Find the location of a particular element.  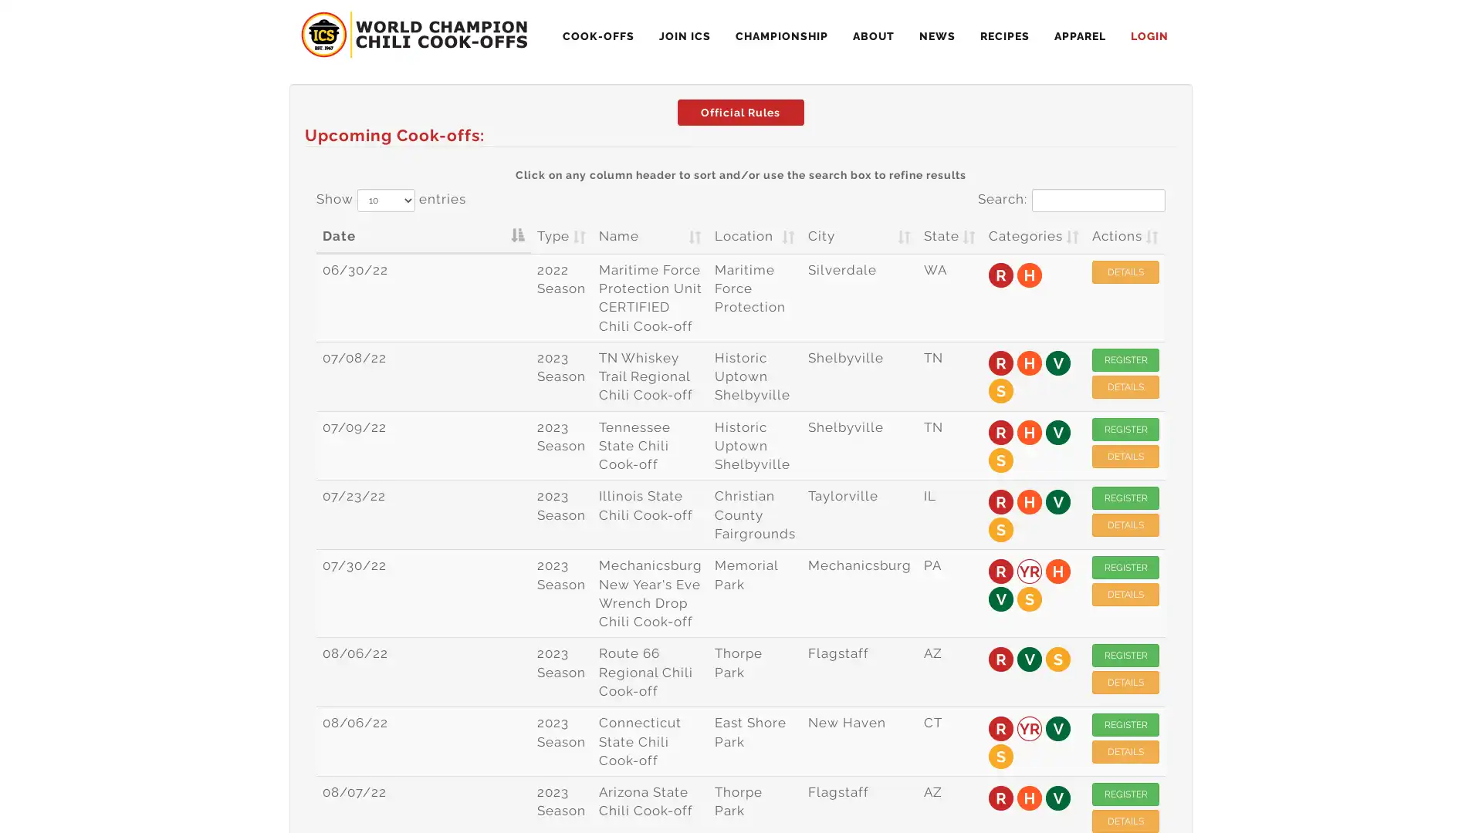

REGISTER is located at coordinates (1125, 497).